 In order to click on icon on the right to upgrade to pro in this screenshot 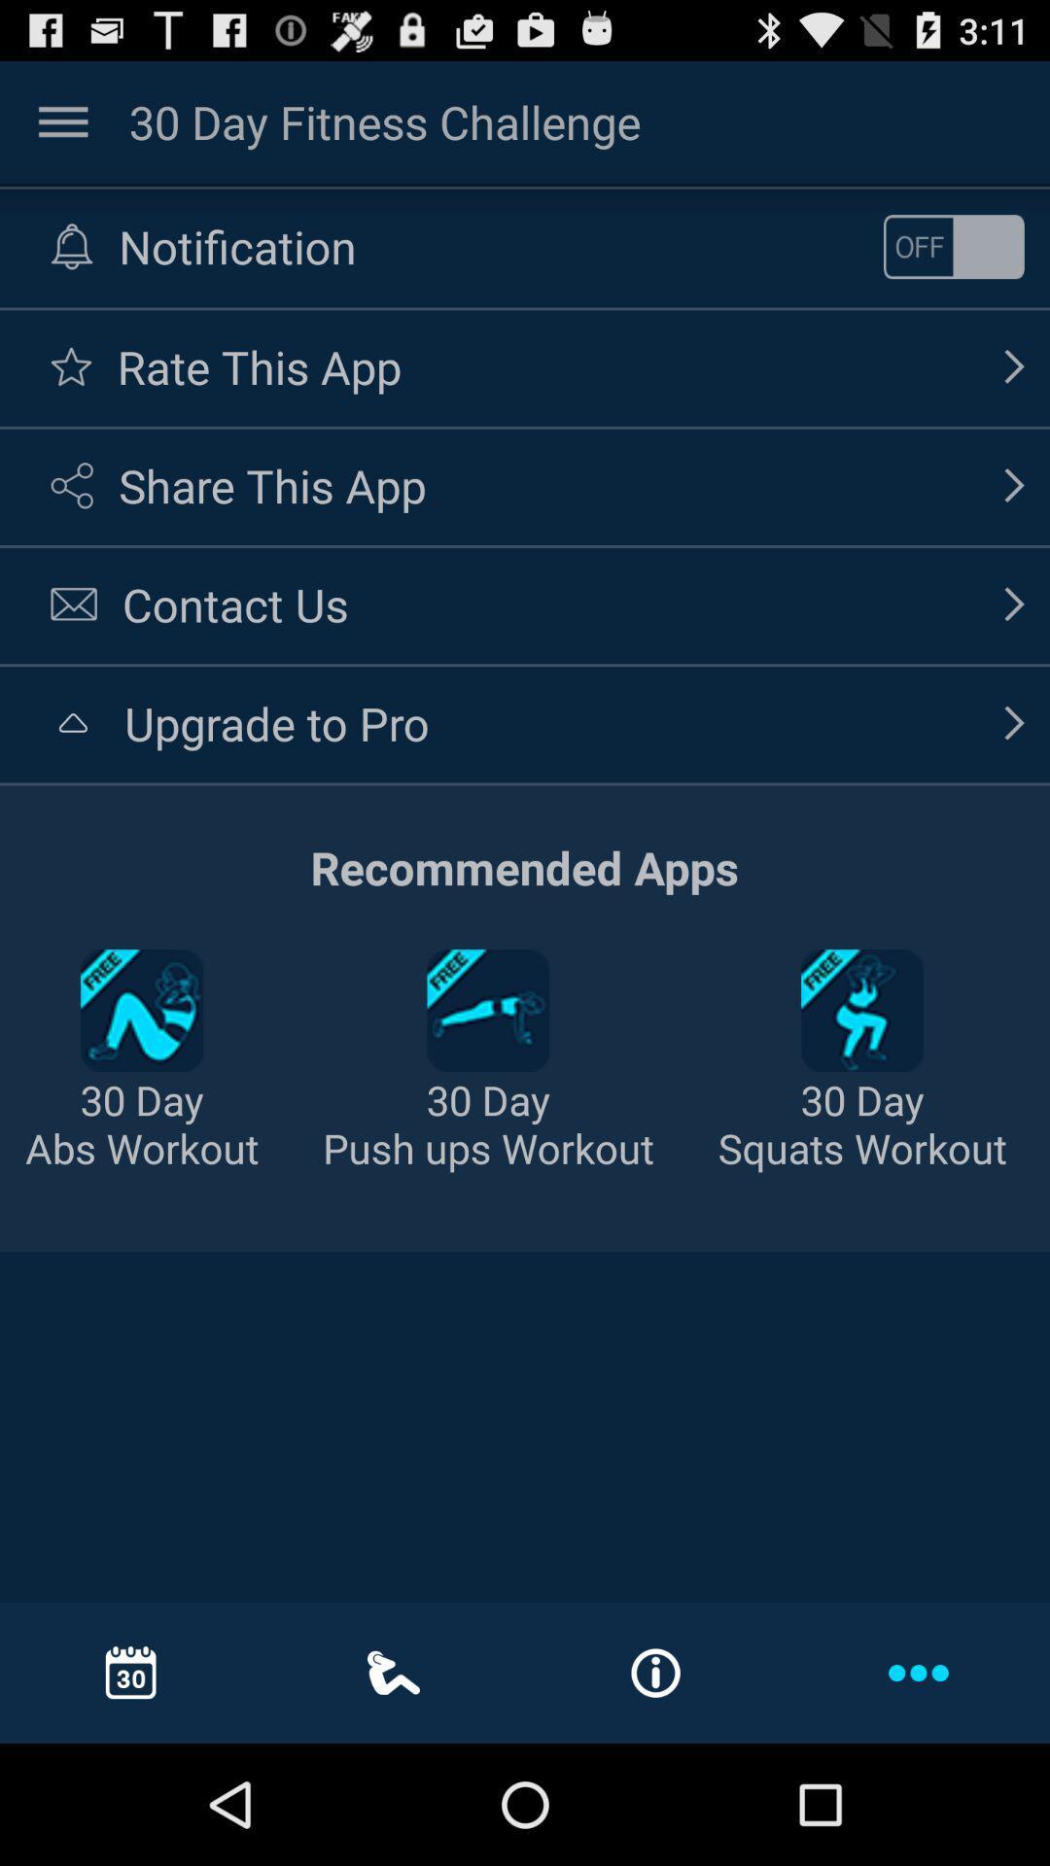, I will do `click(1014, 722)`.